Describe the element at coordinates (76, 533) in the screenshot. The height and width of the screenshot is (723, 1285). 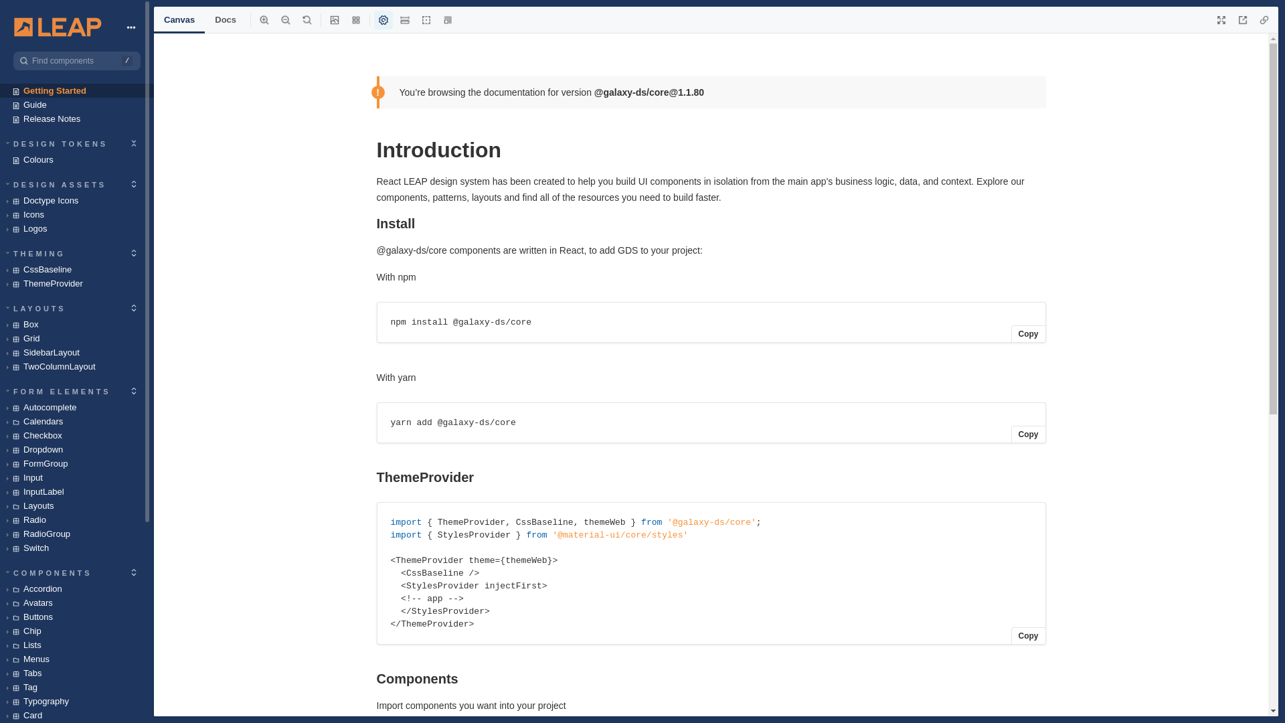
I see `'RadioGroup'` at that location.